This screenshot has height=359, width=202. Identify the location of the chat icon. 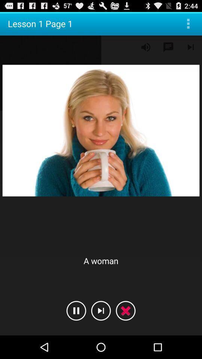
(168, 50).